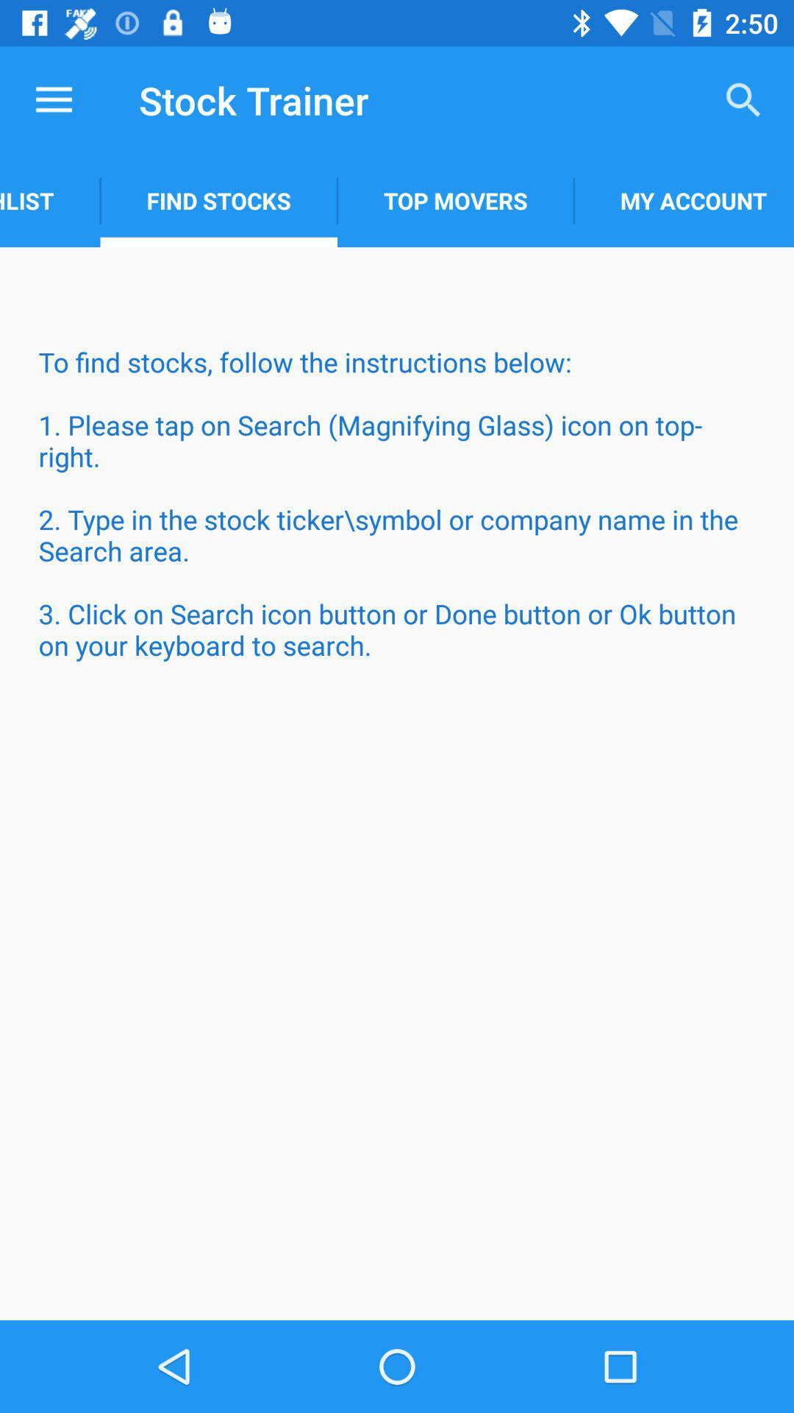  Describe the element at coordinates (53, 99) in the screenshot. I see `item next to stock trainer icon` at that location.